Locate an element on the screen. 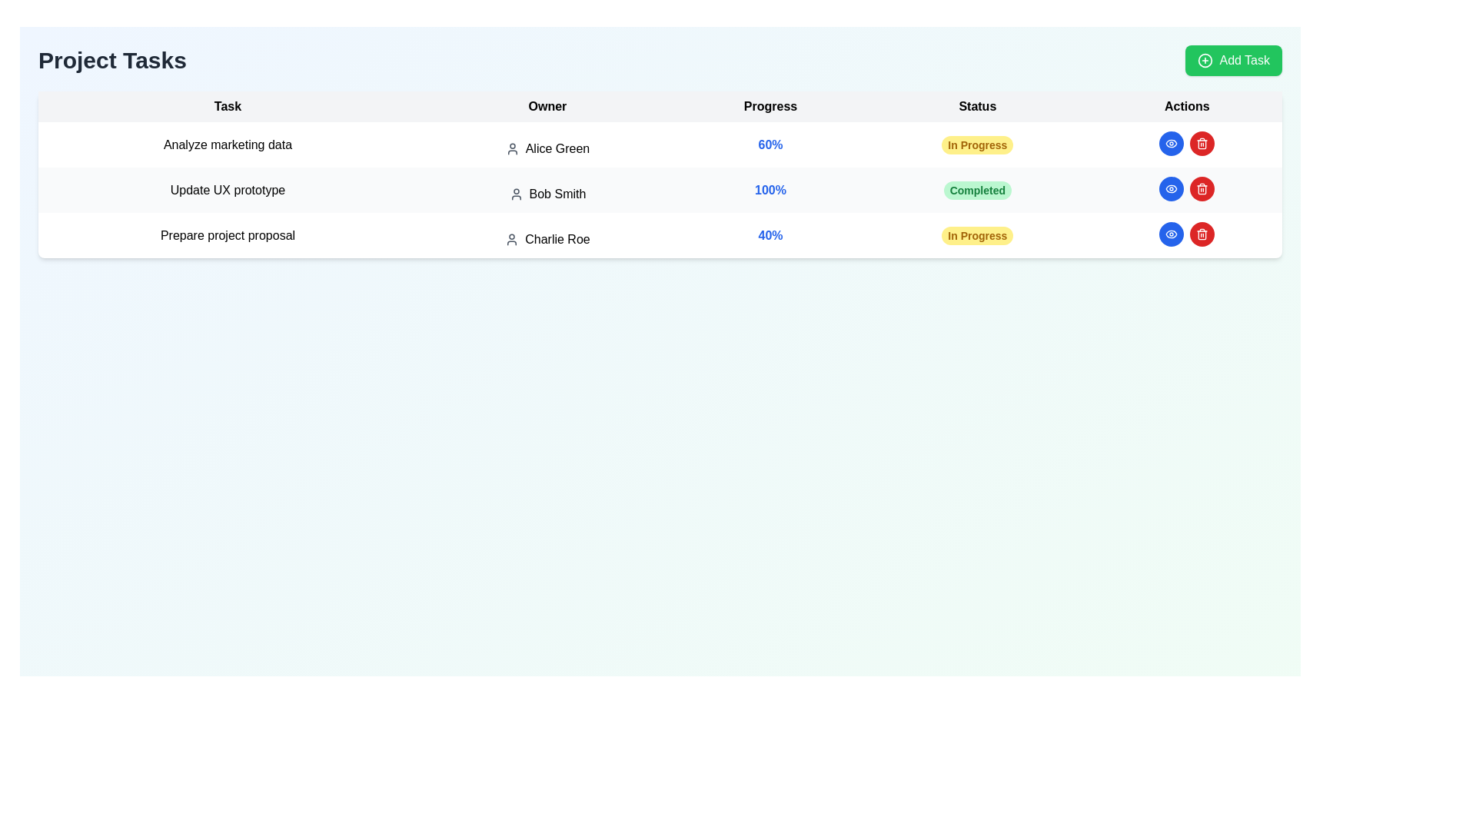 This screenshot has width=1476, height=830. the circular red button with a white trash can icon in the 'Actions' column of the second row in the 'Project Tasks' table is located at coordinates (1202, 188).